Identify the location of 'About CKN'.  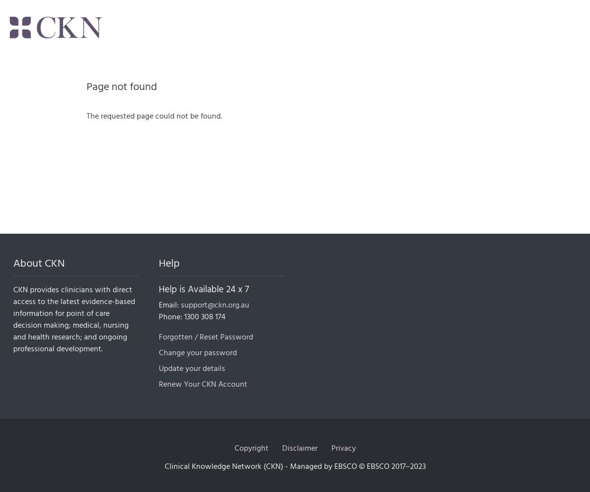
(13, 263).